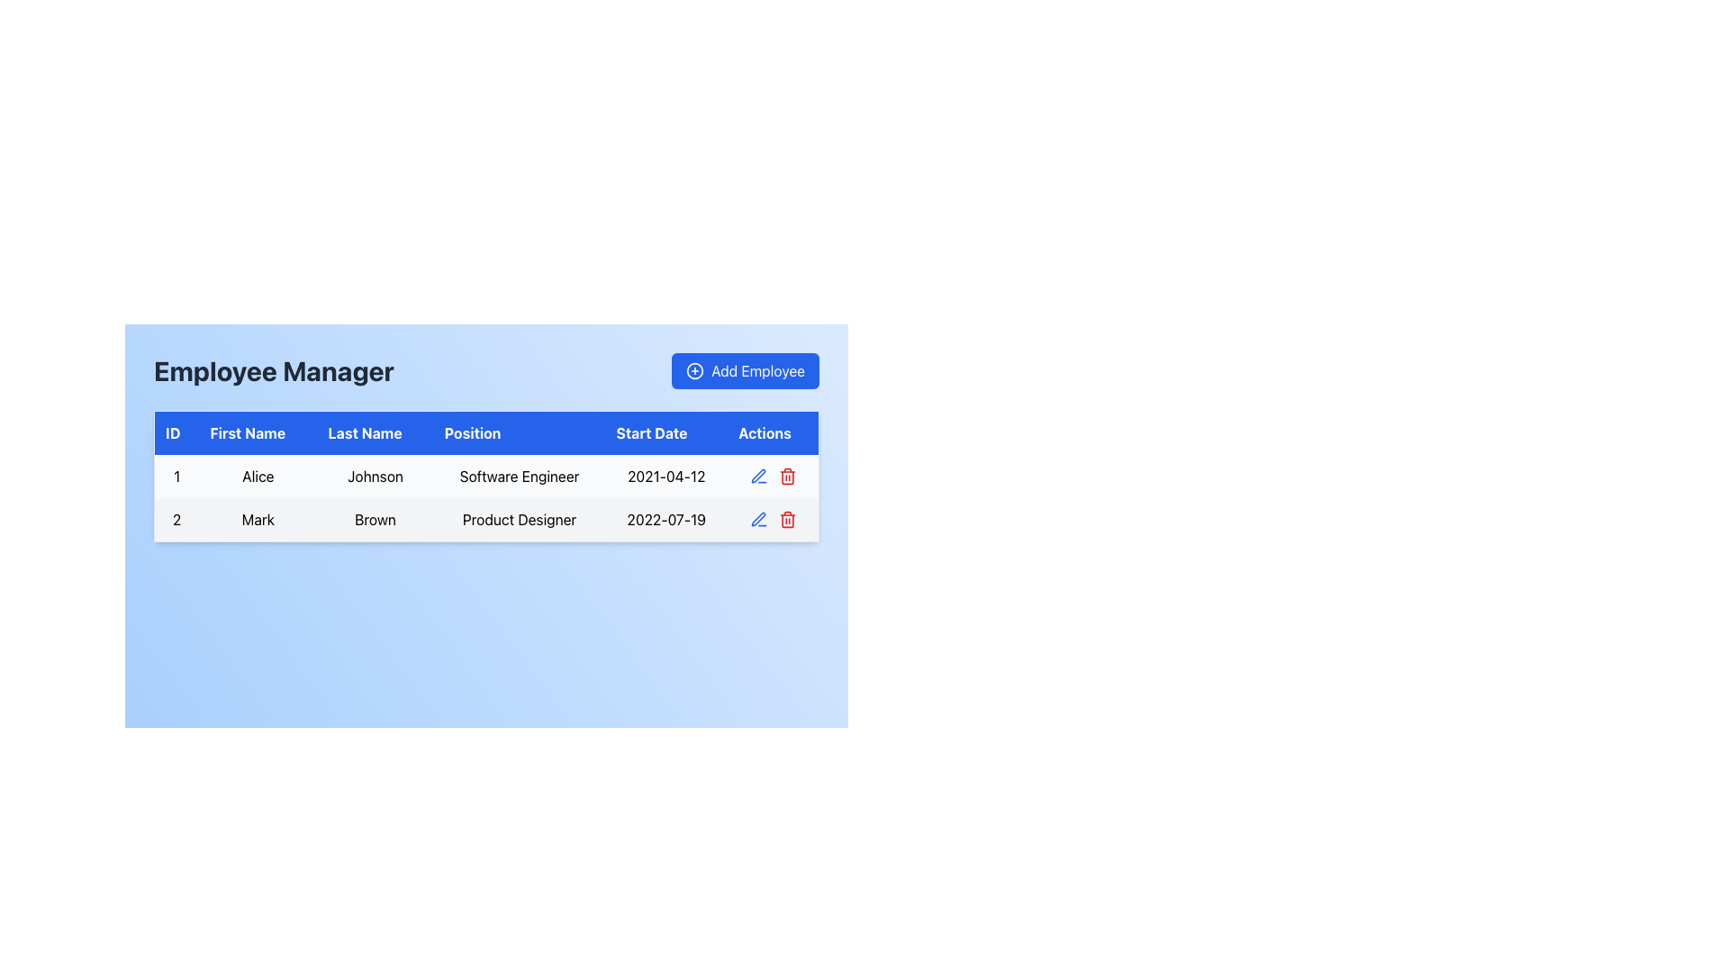 The width and height of the screenshot is (1729, 973). What do you see at coordinates (375, 520) in the screenshot?
I see `the static label displaying the last name 'Mark' in the third column of the second row within the employee data table` at bounding box center [375, 520].